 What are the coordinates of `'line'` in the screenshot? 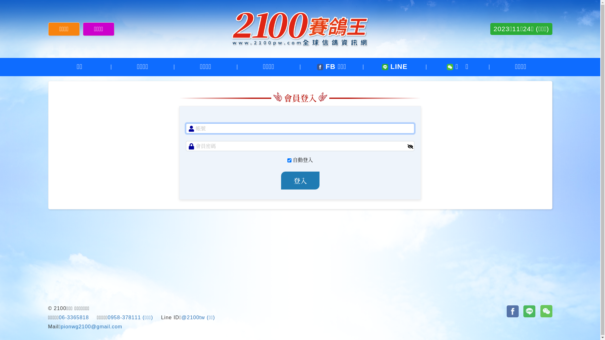 It's located at (526, 311).